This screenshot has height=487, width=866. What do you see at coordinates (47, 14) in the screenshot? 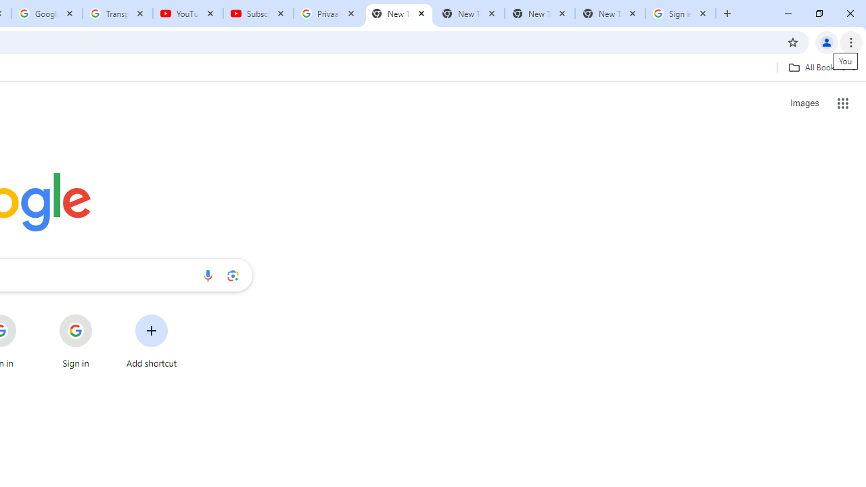
I see `'Google Account'` at bounding box center [47, 14].